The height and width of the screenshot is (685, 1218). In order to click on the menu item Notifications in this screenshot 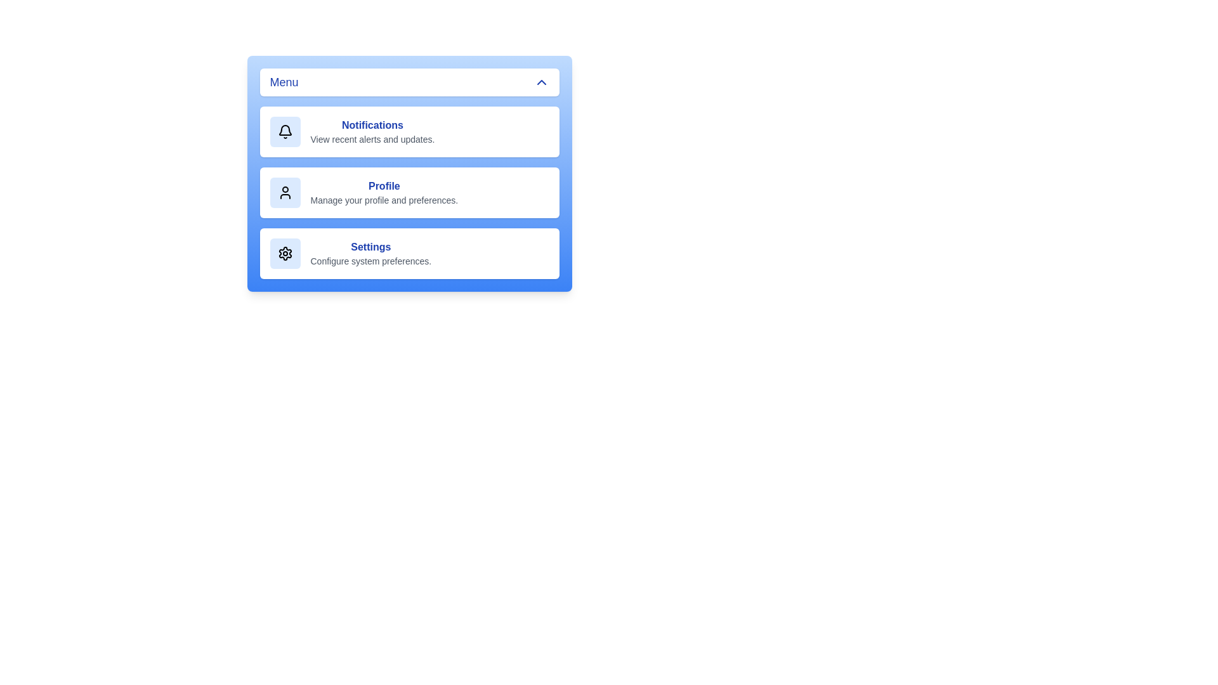, I will do `click(409, 132)`.